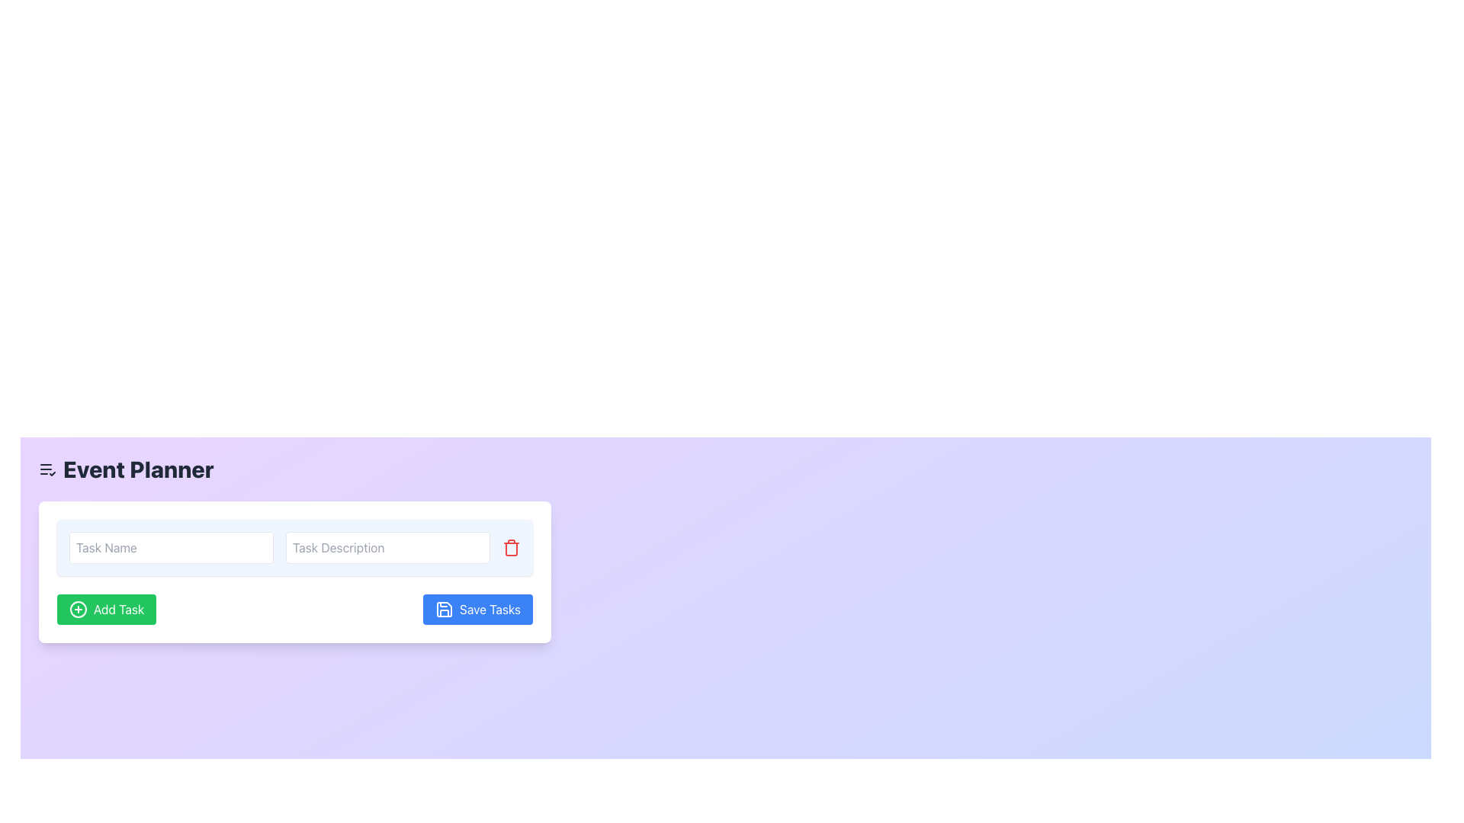 Image resolution: width=1464 pixels, height=823 pixels. What do you see at coordinates (443, 608) in the screenshot?
I see `the save icon within the blue 'Save Tasks' button located on the far right of the task management component` at bounding box center [443, 608].